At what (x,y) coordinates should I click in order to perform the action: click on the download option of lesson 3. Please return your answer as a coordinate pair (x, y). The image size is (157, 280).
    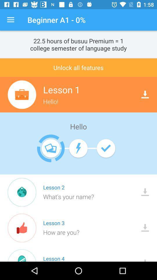
    Looking at the image, I should click on (145, 227).